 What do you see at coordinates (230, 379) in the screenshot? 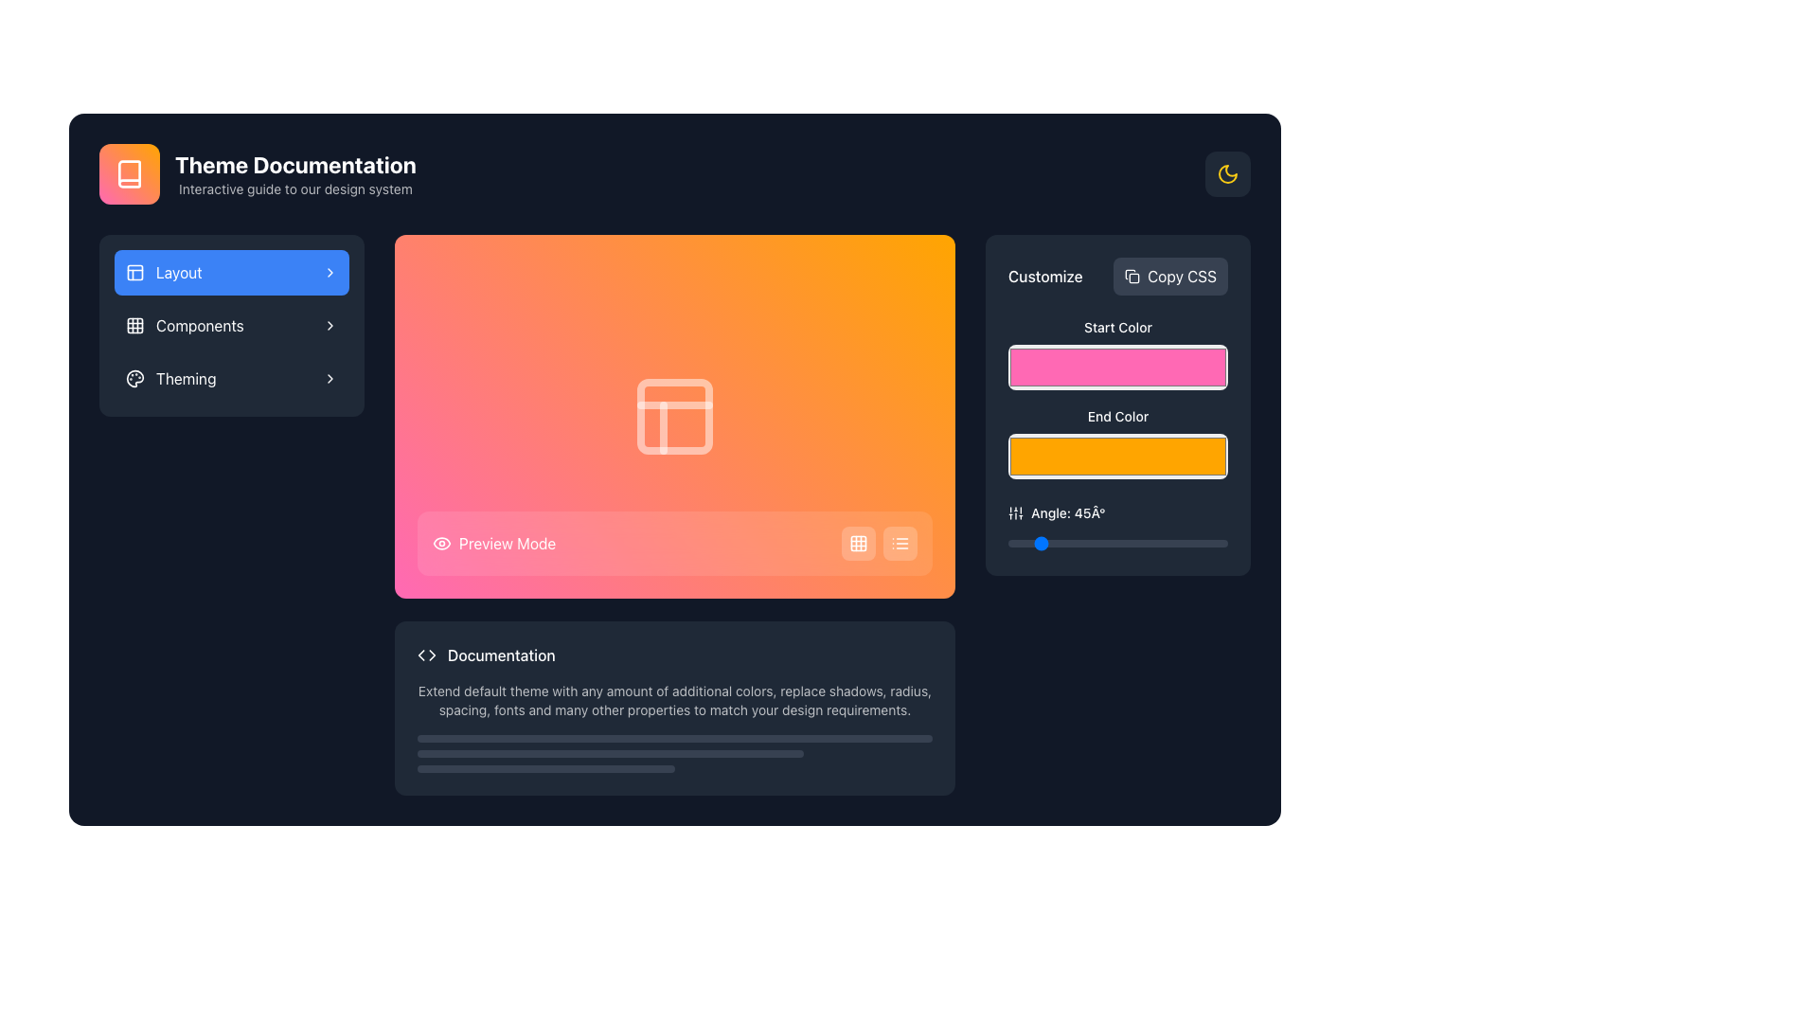
I see `the 'Theming' button located as the third item in the vertical navigation list on the left-hand side` at bounding box center [230, 379].